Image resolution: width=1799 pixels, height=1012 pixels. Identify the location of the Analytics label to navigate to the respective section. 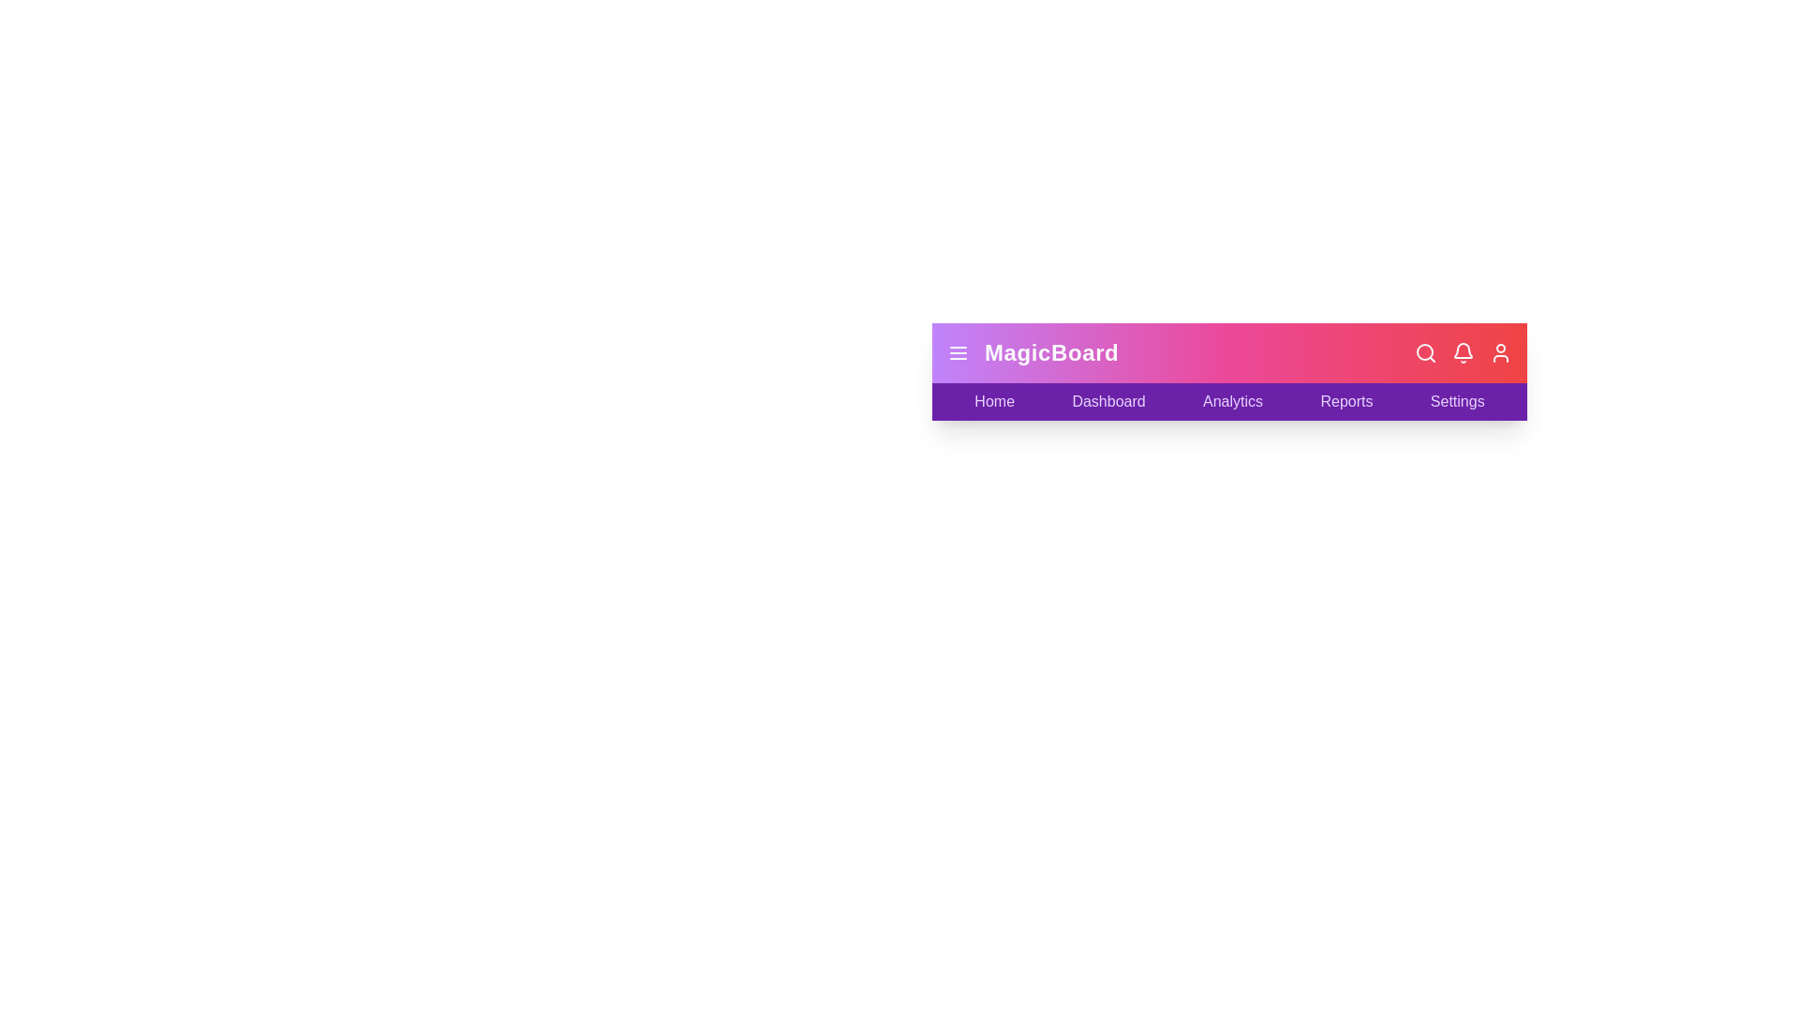
(1232, 400).